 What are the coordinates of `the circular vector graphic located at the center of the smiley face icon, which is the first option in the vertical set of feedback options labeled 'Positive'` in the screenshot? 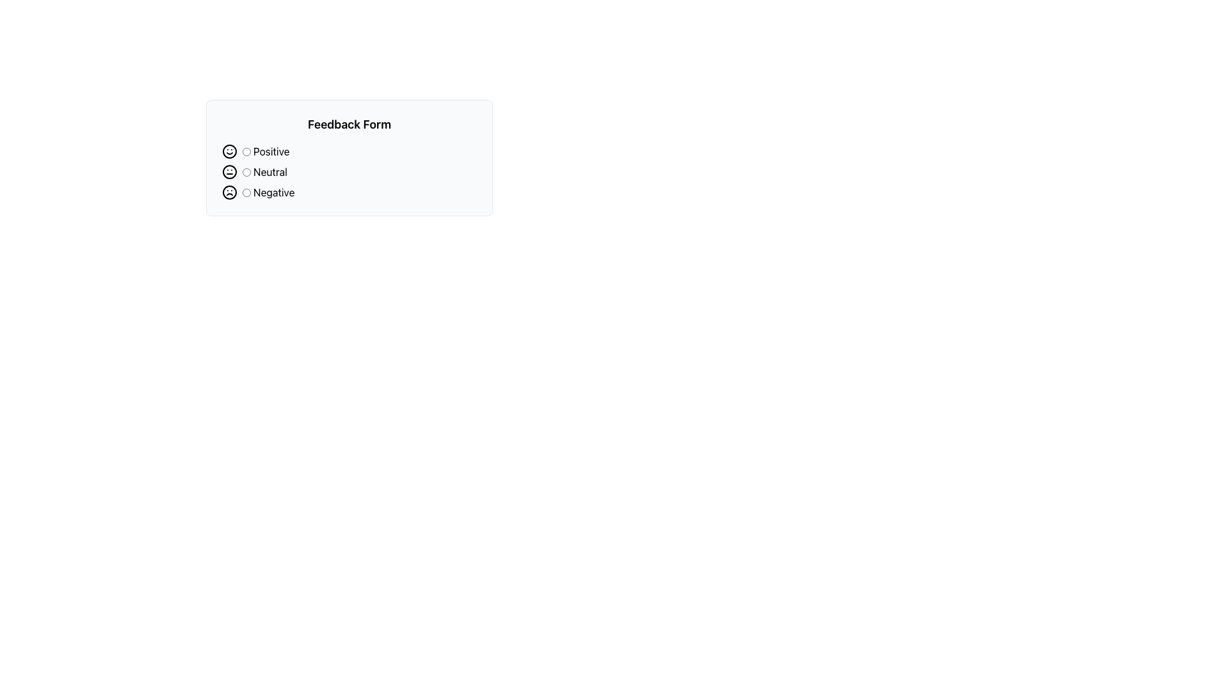 It's located at (230, 150).